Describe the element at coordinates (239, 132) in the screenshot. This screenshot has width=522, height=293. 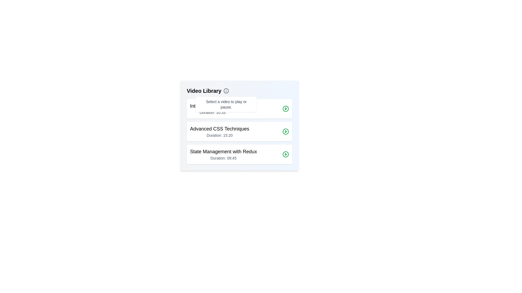
I see `the second video entry` at that location.